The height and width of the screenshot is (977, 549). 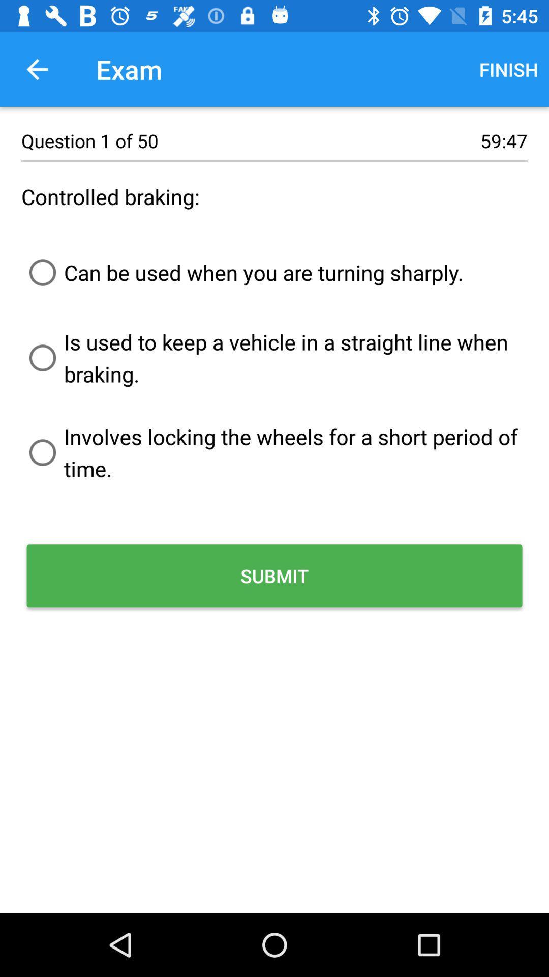 What do you see at coordinates (274, 452) in the screenshot?
I see `icon above submit` at bounding box center [274, 452].